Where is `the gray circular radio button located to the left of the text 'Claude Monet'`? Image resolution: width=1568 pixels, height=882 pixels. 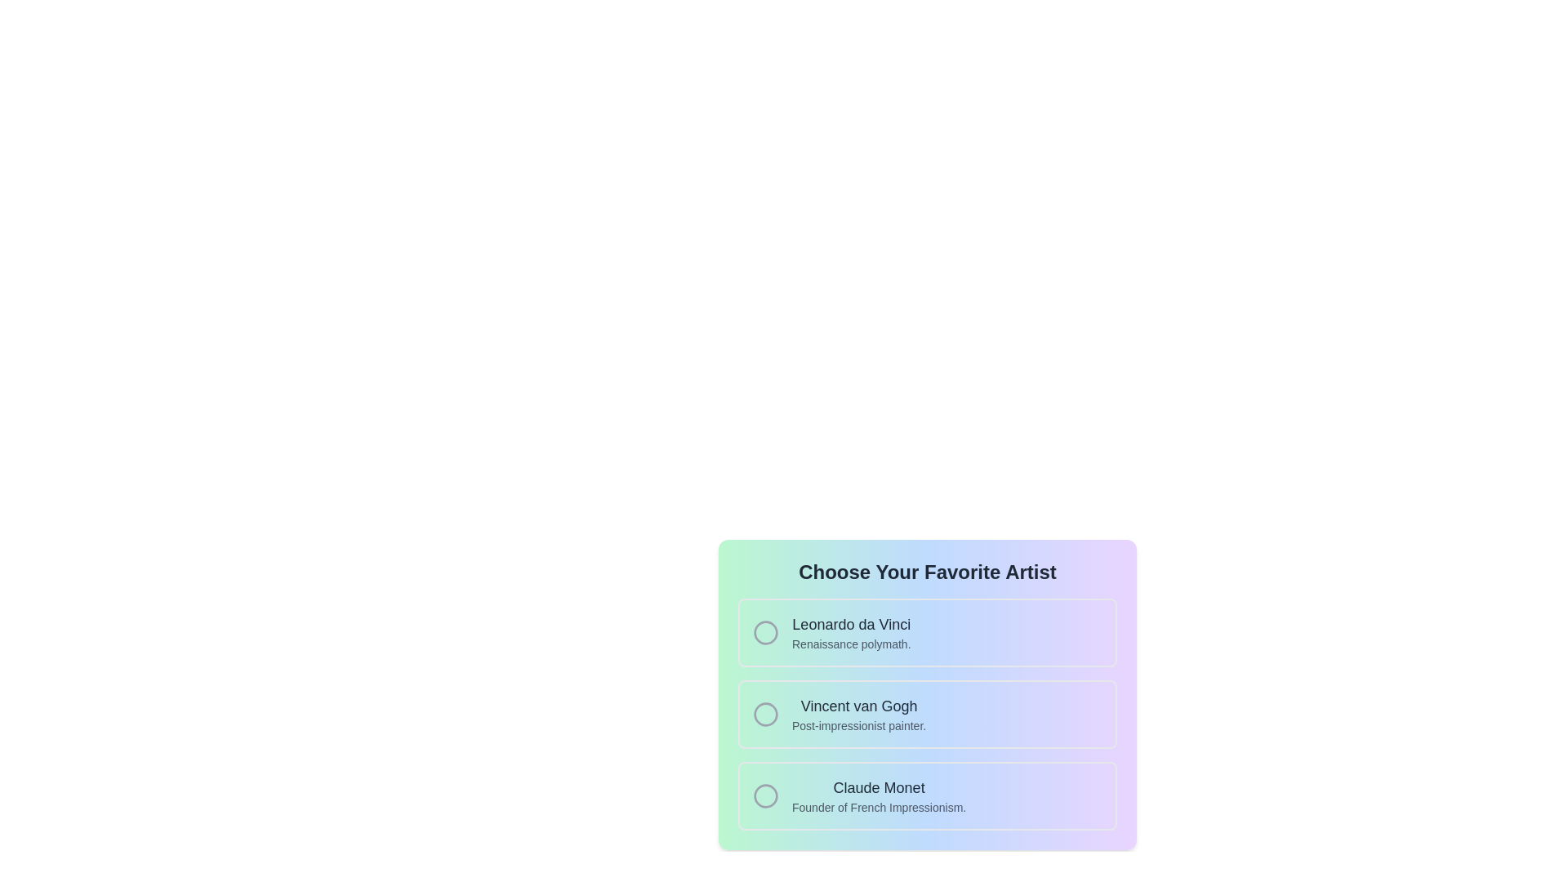
the gray circular radio button located to the left of the text 'Claude Monet' is located at coordinates (764, 795).